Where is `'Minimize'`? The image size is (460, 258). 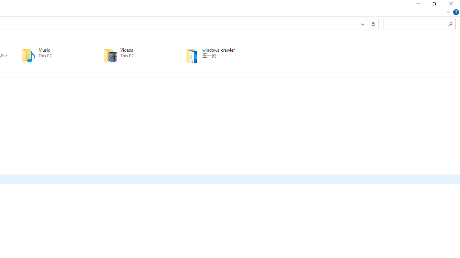 'Minimize' is located at coordinates (418, 5).